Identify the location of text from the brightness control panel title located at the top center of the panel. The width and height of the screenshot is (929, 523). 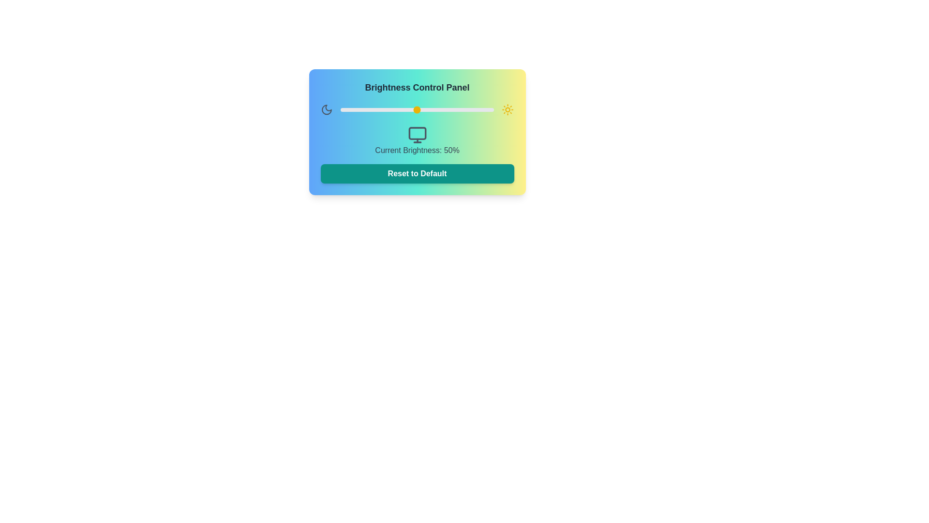
(417, 88).